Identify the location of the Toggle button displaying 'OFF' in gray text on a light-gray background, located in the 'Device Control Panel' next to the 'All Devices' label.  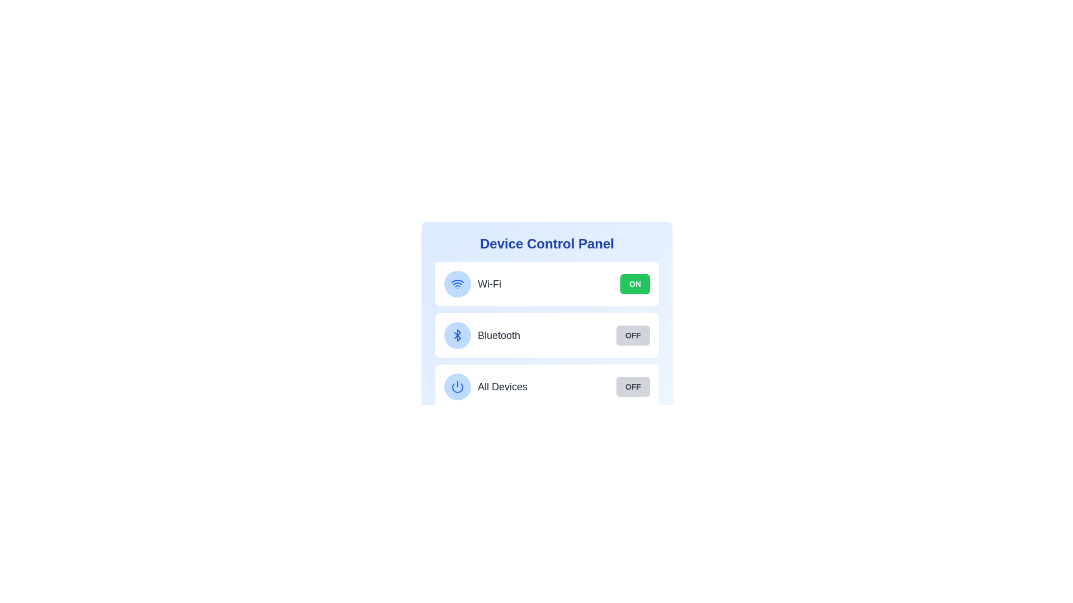
(633, 386).